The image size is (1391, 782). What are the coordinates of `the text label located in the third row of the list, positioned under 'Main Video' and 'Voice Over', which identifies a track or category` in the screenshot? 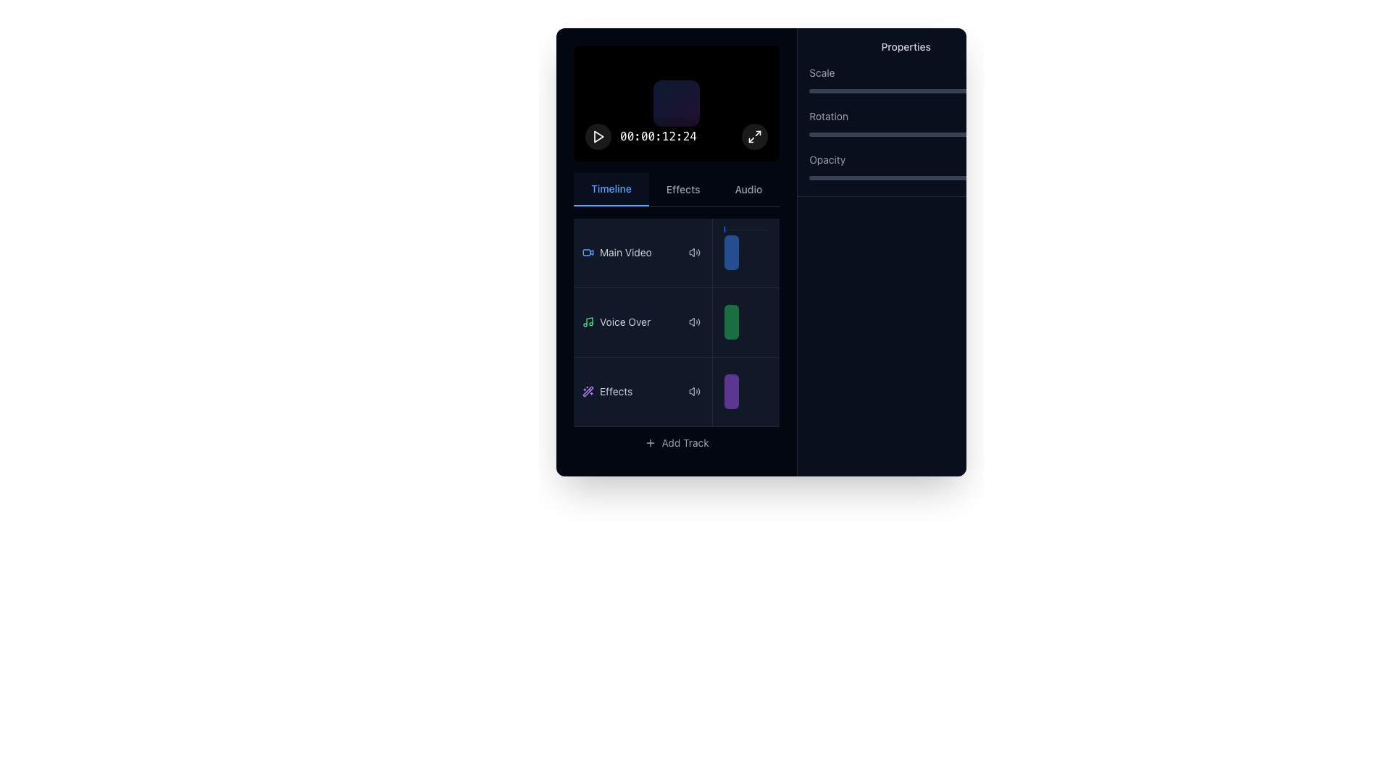 It's located at (616, 392).